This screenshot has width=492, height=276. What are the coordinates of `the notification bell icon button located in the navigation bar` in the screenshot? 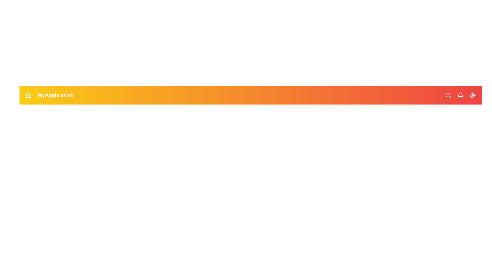 It's located at (460, 95).